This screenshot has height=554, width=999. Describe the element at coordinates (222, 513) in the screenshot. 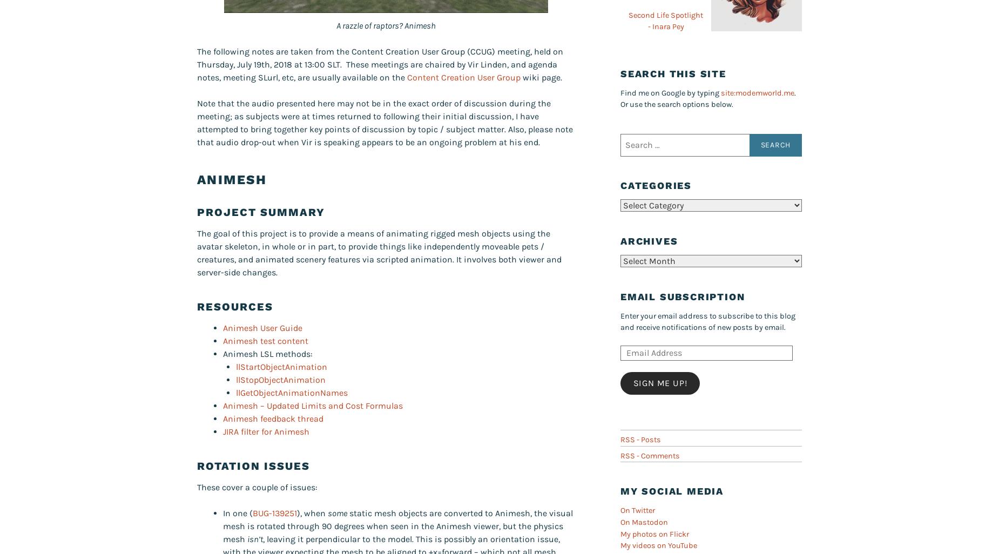

I see `'In one ('` at that location.